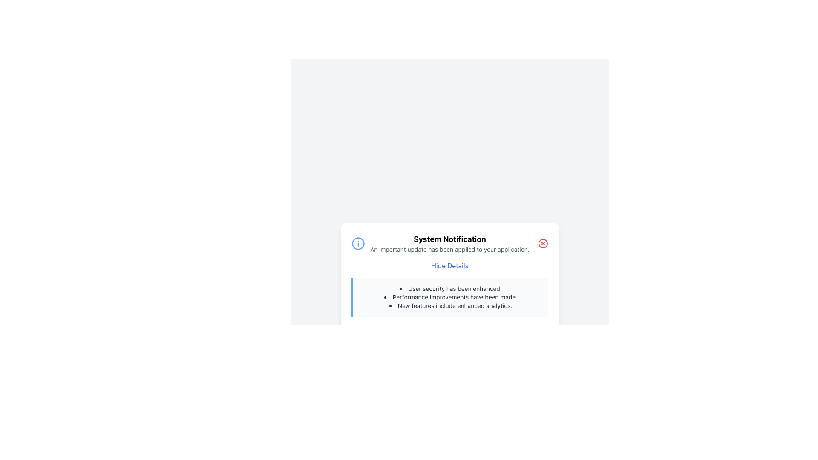  I want to click on the red circular close button marked with an 'X' located at the top-right corner of the banner displaying the 'System Notification' message for keyboard navigation, so click(543, 243).